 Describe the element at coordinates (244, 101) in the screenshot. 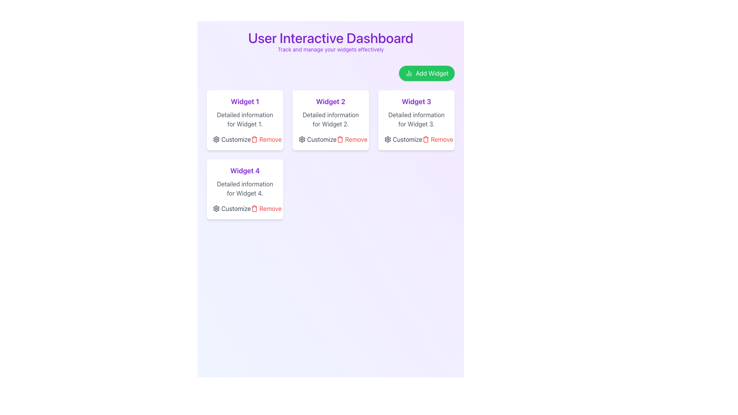

I see `the Text Label that identifies the card as 'Widget 1', which is positioned at the top of the first card in a grid layout` at that location.